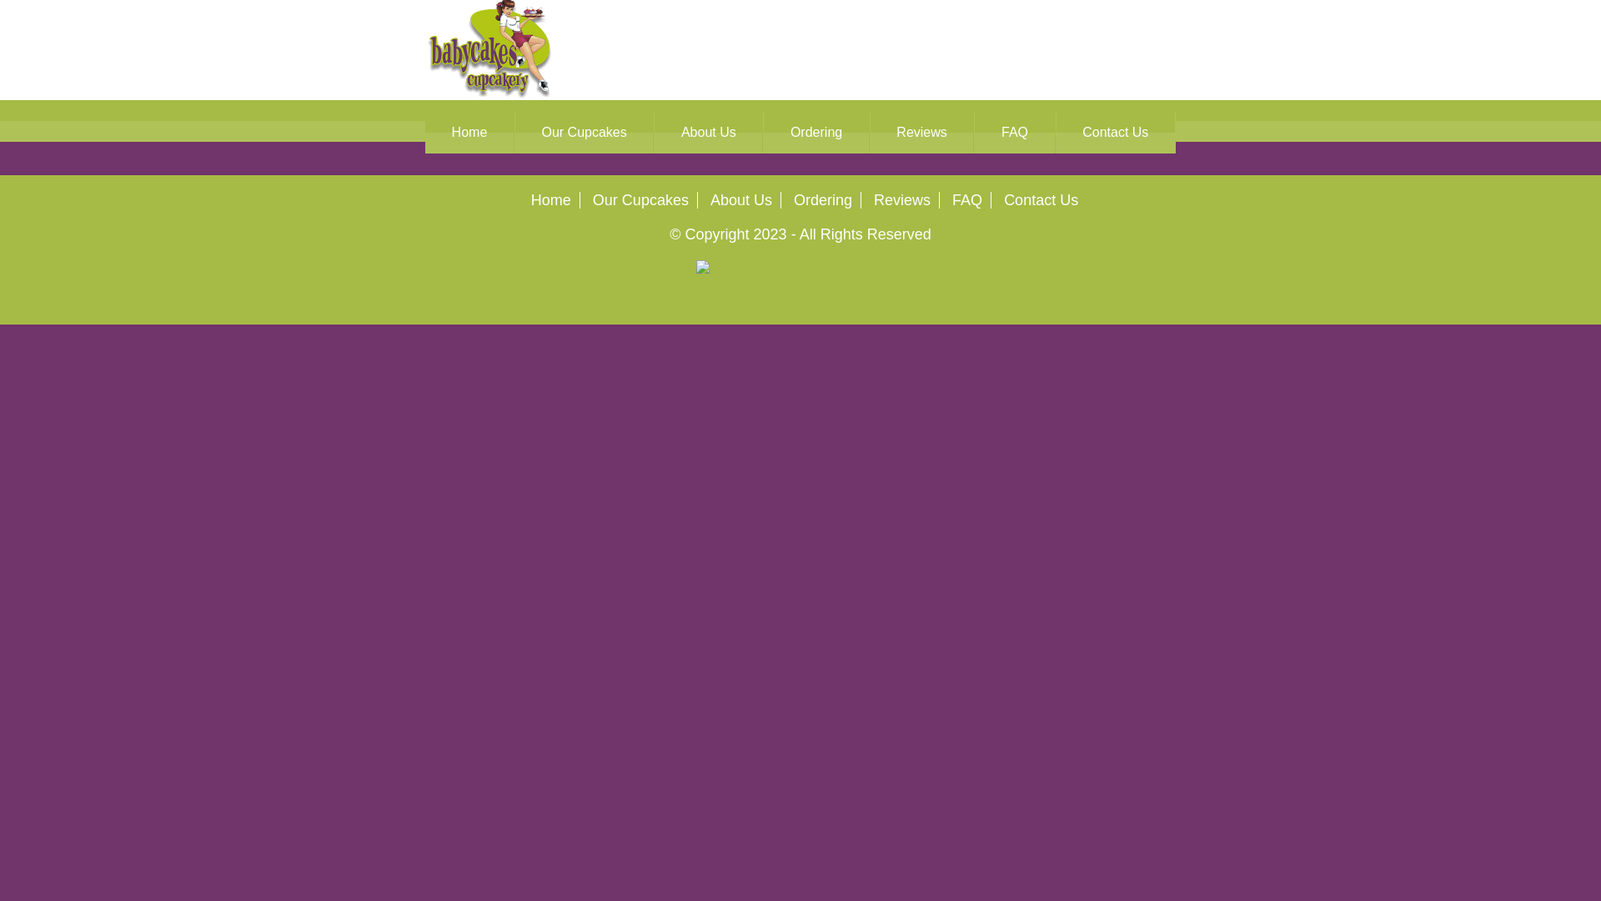  I want to click on 'Reviews', so click(901, 199).